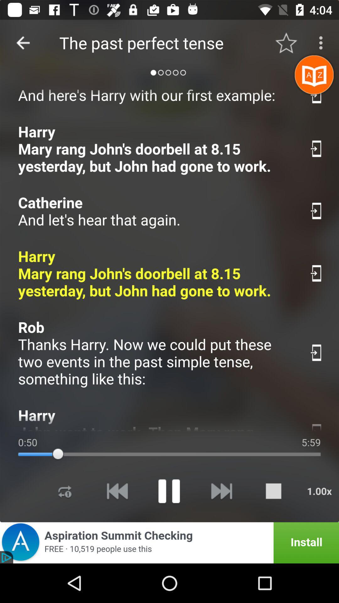 This screenshot has width=339, height=603. I want to click on the page of an advertisement, so click(169, 542).